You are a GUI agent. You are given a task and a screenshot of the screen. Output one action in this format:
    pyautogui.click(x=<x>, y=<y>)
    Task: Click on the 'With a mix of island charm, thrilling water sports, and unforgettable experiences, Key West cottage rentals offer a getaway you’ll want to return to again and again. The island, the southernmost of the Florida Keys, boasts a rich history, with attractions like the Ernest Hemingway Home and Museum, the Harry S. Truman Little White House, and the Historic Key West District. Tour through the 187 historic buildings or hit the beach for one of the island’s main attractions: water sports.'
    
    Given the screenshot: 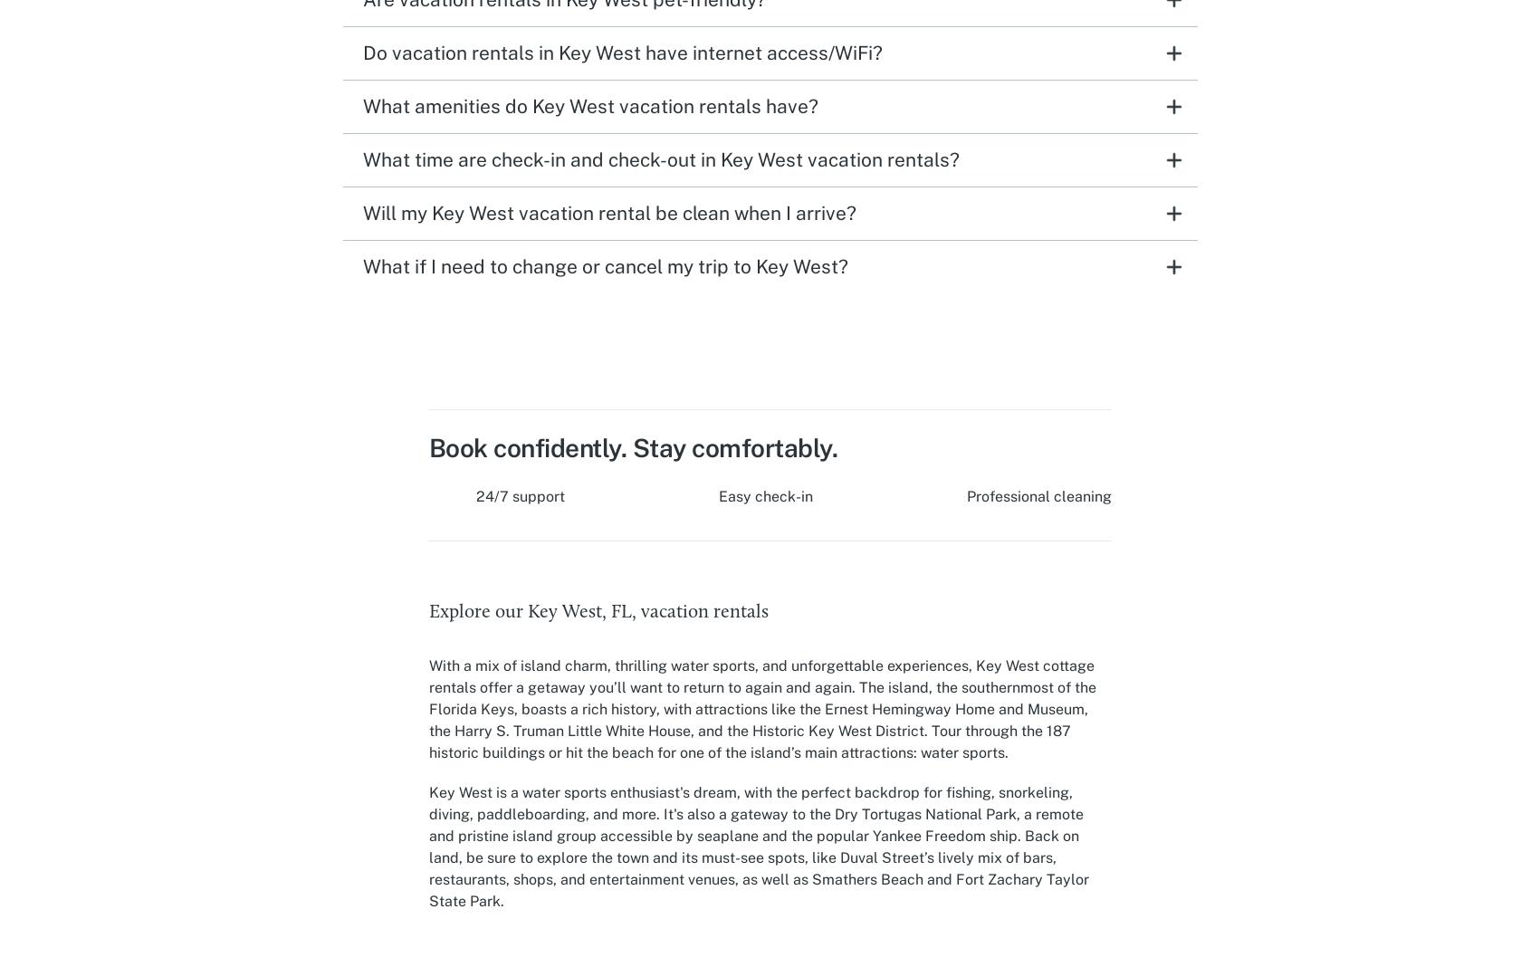 What is the action you would take?
    pyautogui.click(x=761, y=709)
    